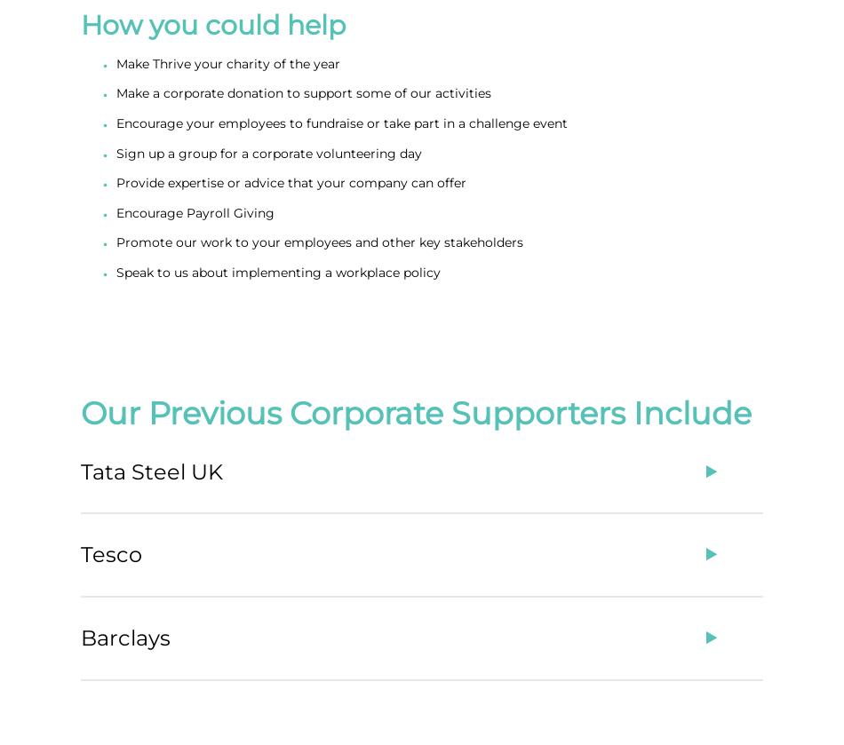 Image resolution: width=844 pixels, height=745 pixels. I want to click on 'Sign up a group for a corporate volunteering day', so click(116, 152).